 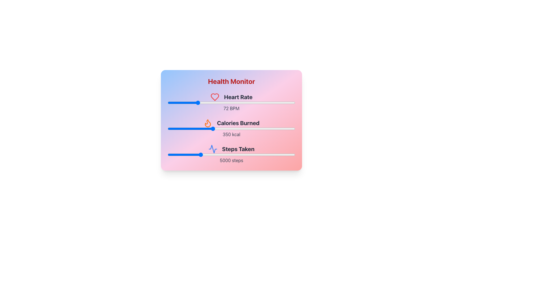 What do you see at coordinates (215, 97) in the screenshot?
I see `the heart rate icon located in the first row of the health monitor card interface, which is positioned directly left of the 'Heart Rate' label for aesthetic review` at bounding box center [215, 97].